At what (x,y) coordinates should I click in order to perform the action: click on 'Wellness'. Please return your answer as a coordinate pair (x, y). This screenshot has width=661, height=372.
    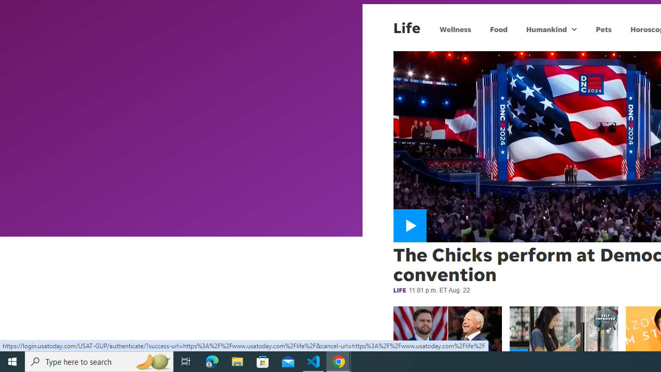
    Looking at the image, I should click on (454, 28).